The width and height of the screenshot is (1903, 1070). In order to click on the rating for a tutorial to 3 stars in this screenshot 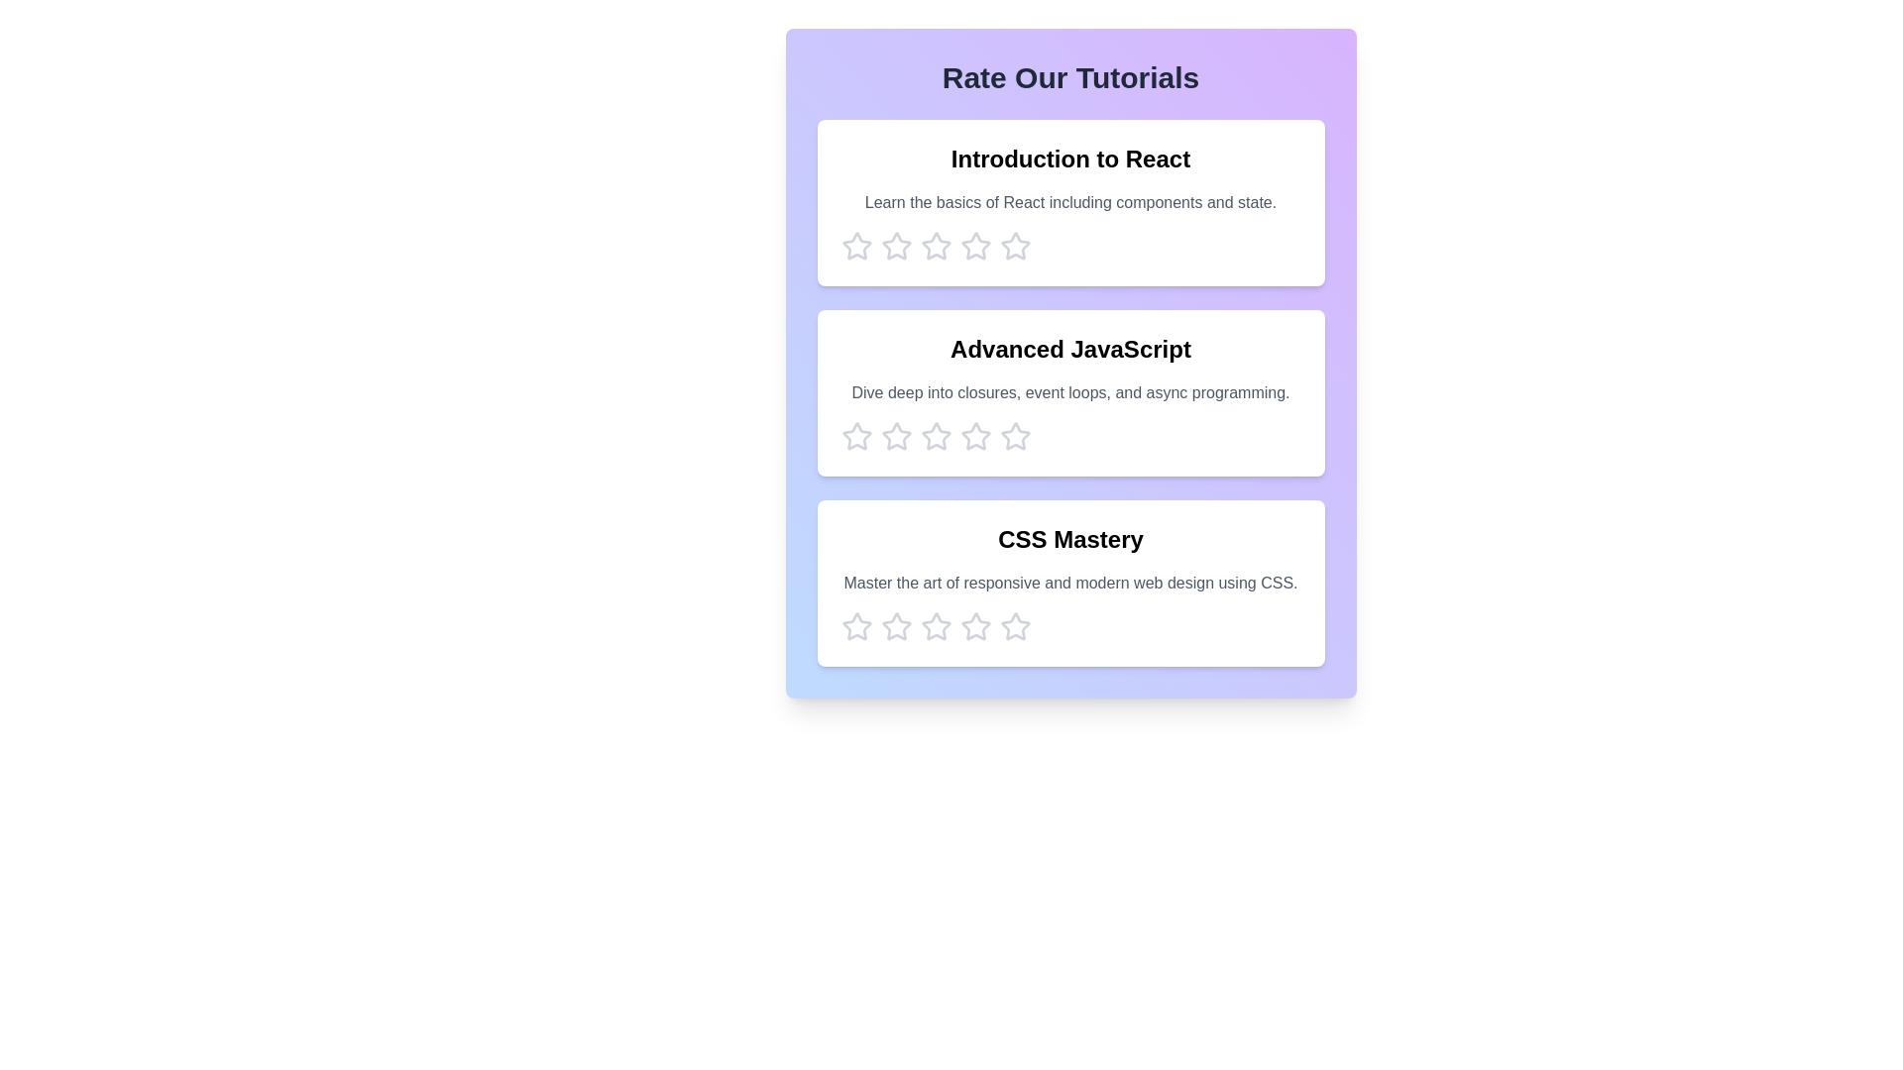, I will do `click(935, 246)`.